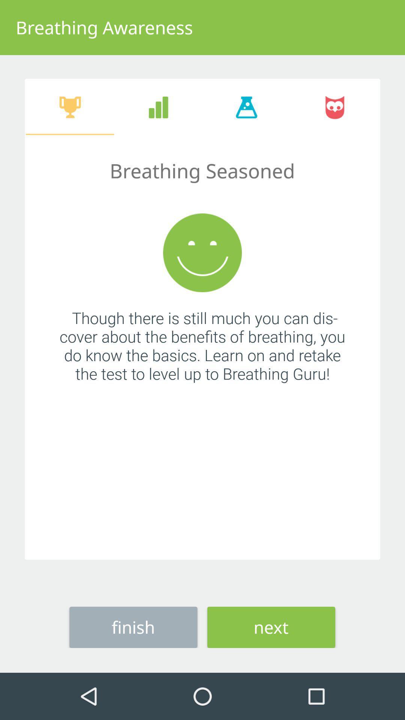  What do you see at coordinates (133, 627) in the screenshot?
I see `the icon next to the next` at bounding box center [133, 627].